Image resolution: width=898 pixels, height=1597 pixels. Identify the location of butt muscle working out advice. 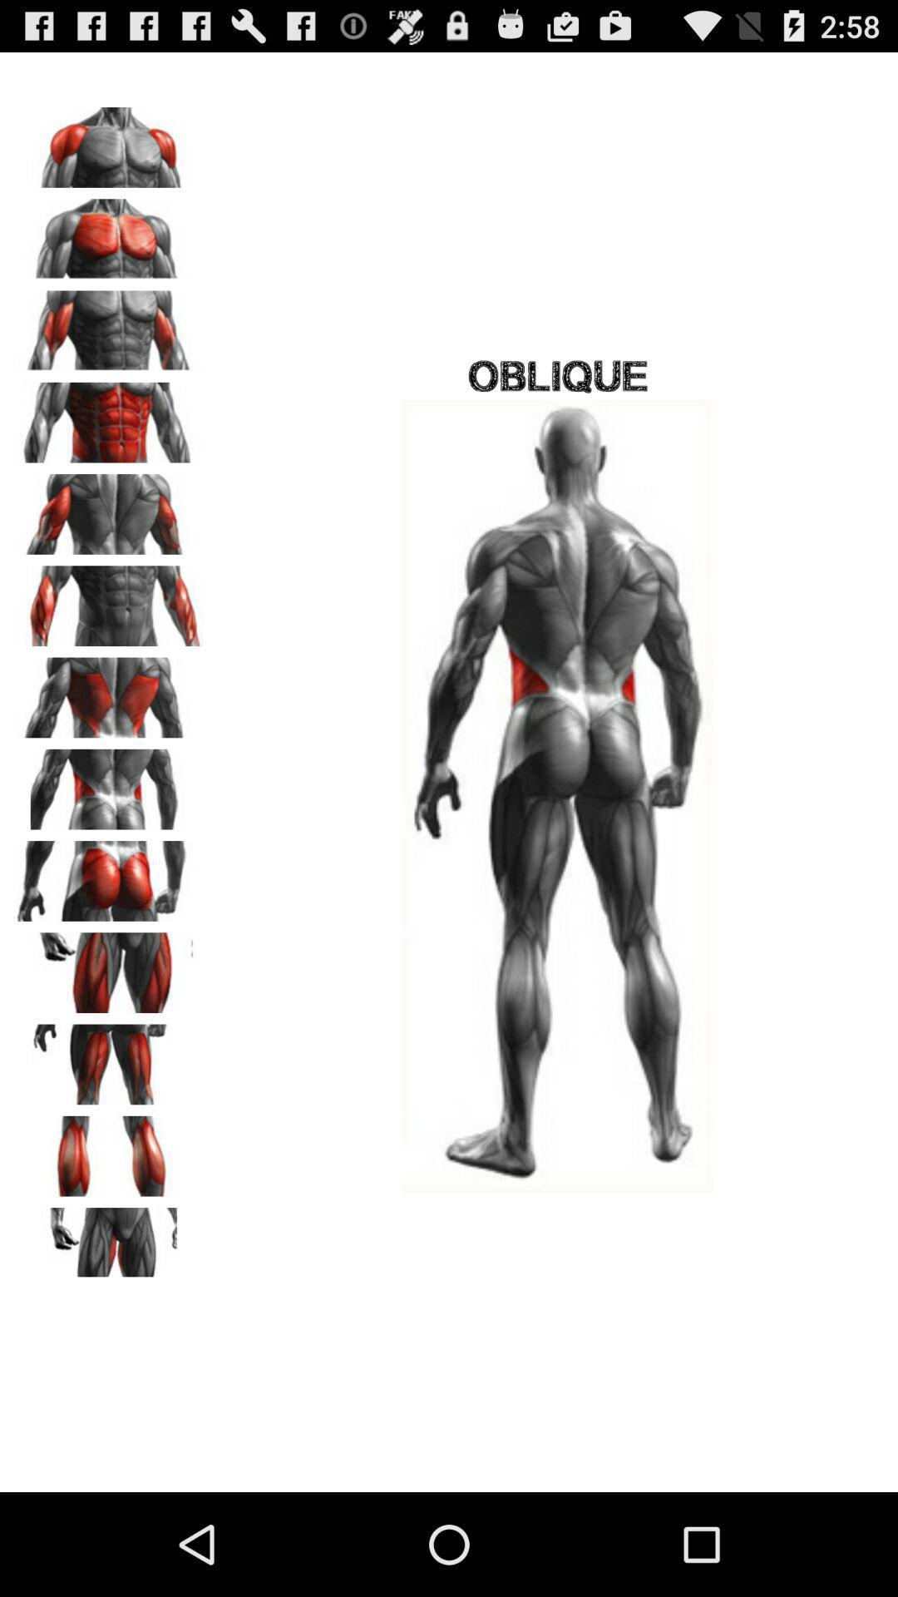
(109, 874).